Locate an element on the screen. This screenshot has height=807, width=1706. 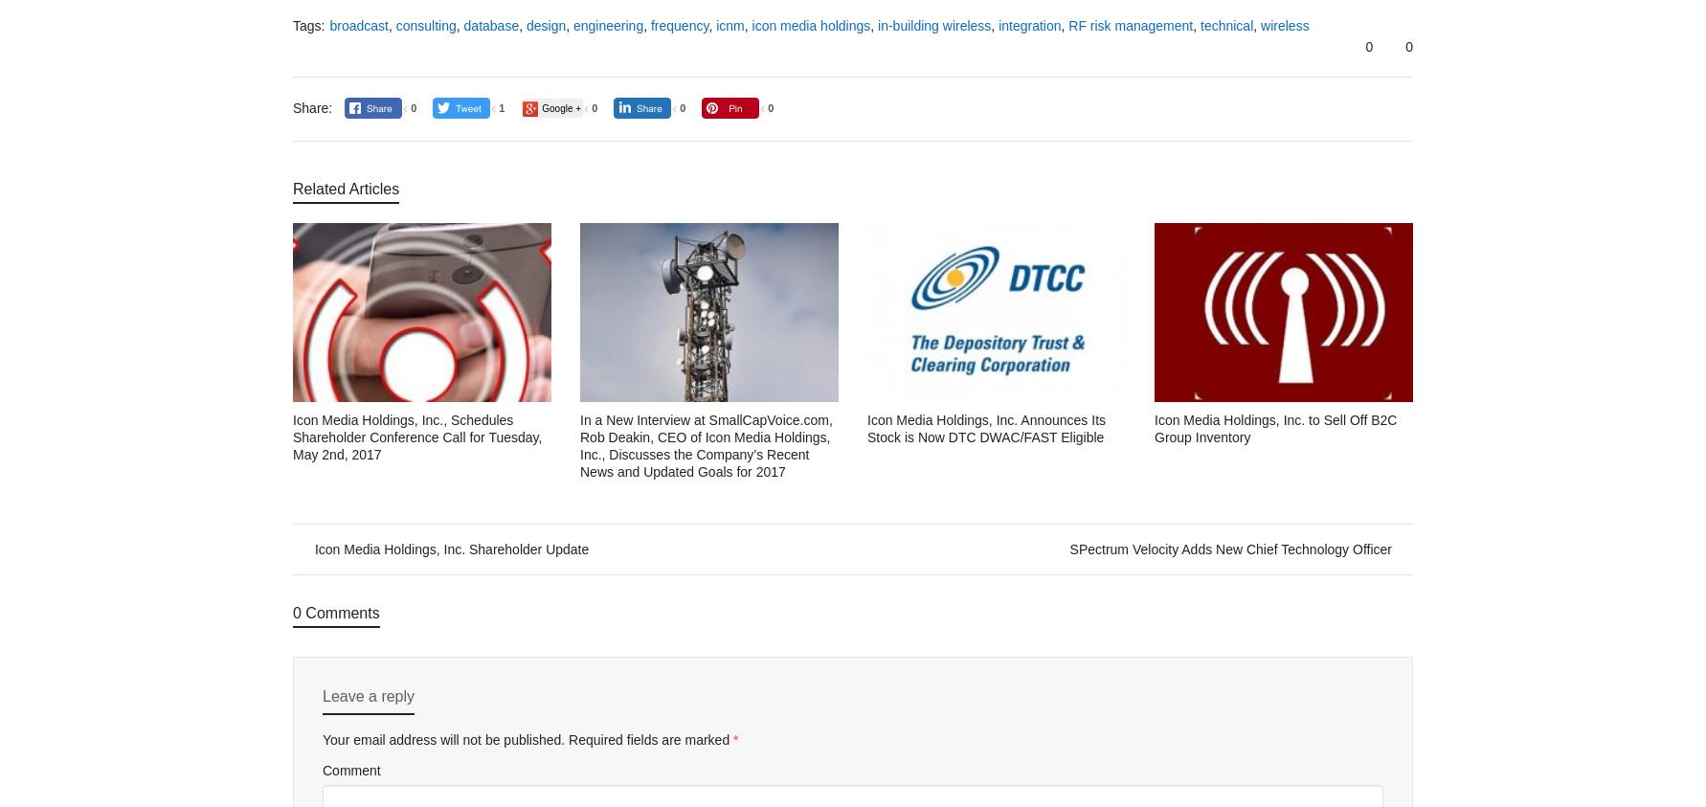
'Share:' is located at coordinates (311, 106).